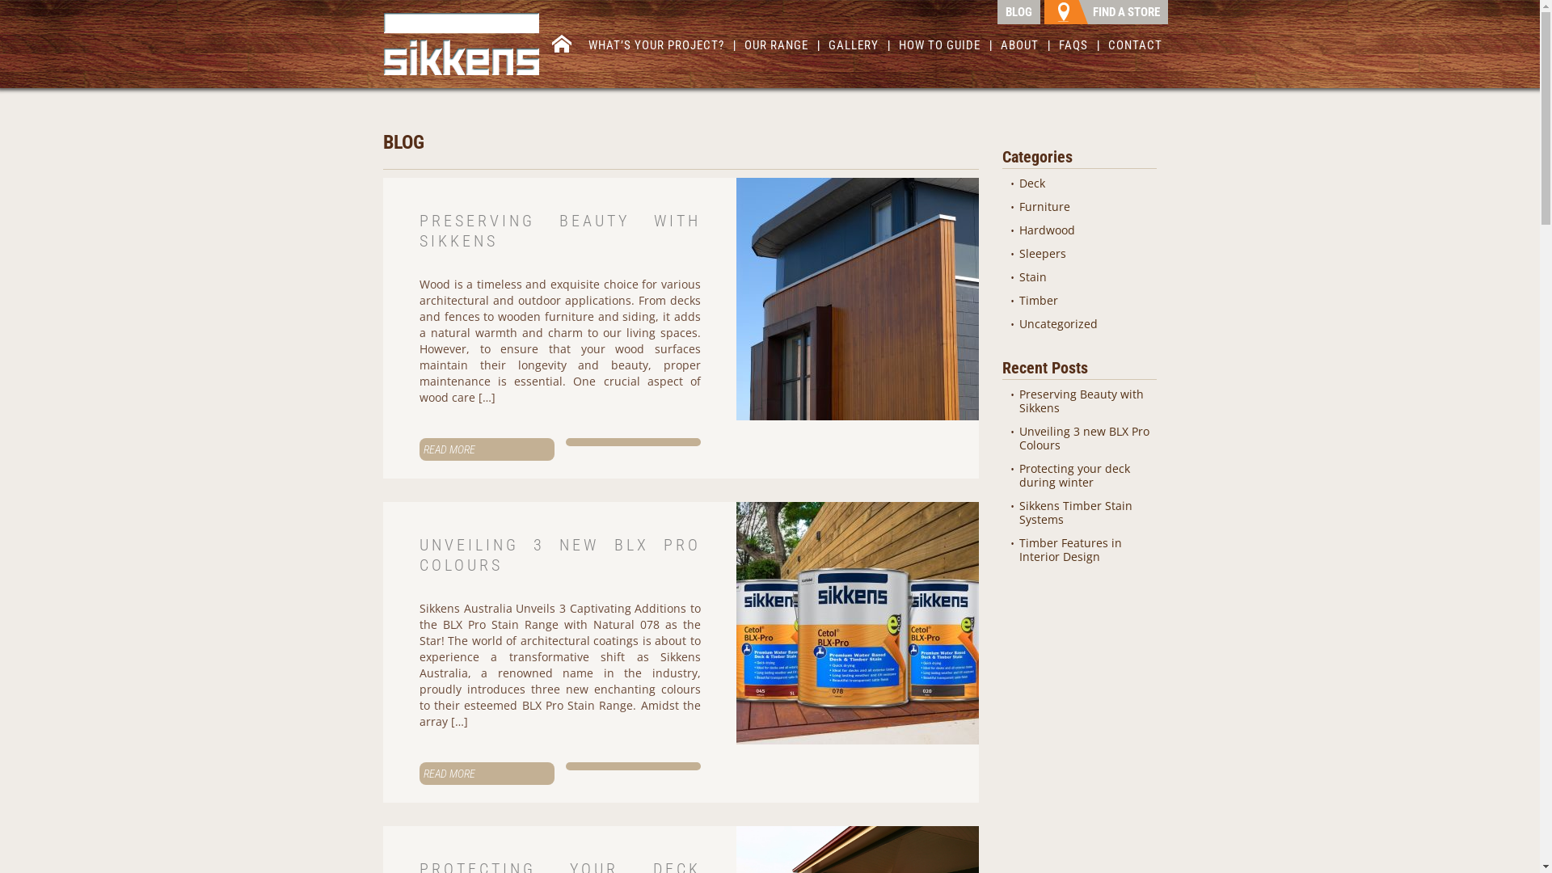 The width and height of the screenshot is (1552, 873). I want to click on 'HOME', so click(562, 45).